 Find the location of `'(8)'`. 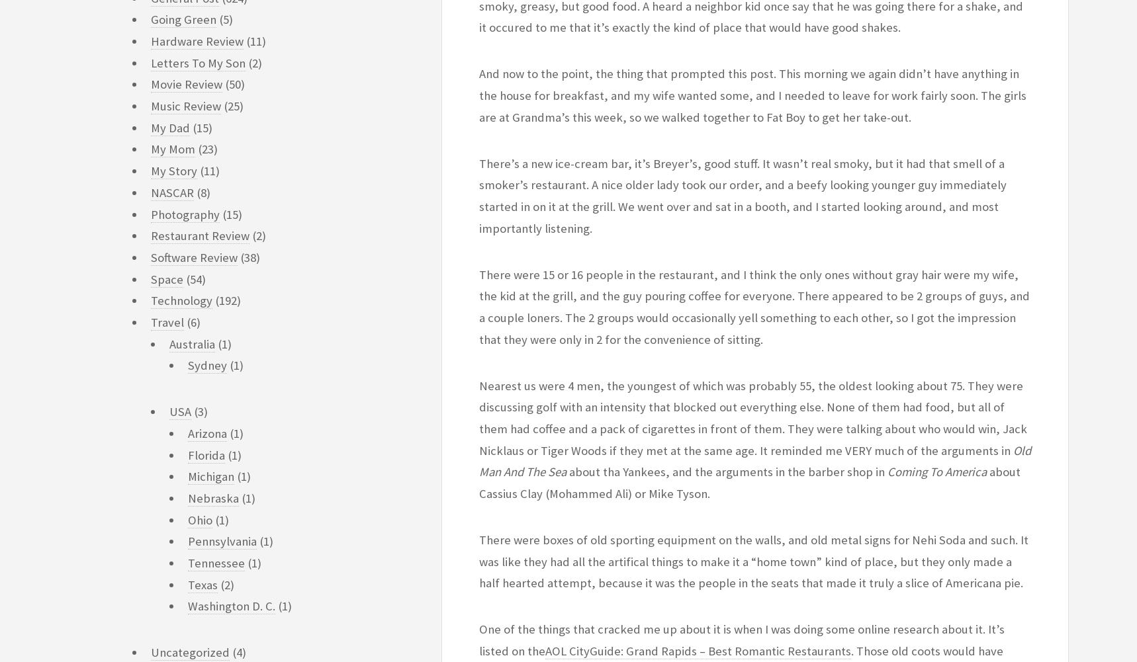

'(8)' is located at coordinates (202, 192).